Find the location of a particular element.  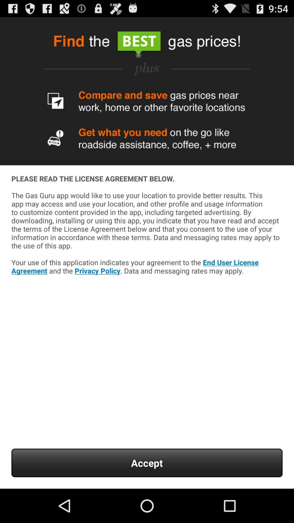

the please read the is located at coordinates (147, 240).